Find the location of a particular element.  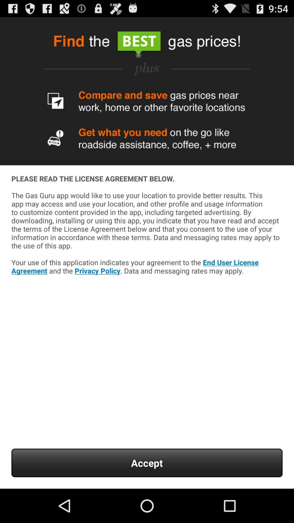

the please read the is located at coordinates (147, 240).